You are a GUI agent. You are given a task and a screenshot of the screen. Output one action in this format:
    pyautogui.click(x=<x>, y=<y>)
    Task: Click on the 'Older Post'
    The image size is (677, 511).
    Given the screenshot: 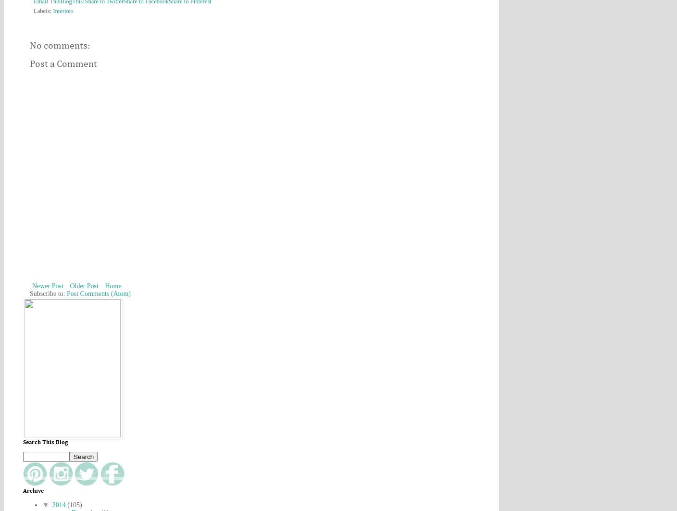 What is the action you would take?
    pyautogui.click(x=84, y=286)
    